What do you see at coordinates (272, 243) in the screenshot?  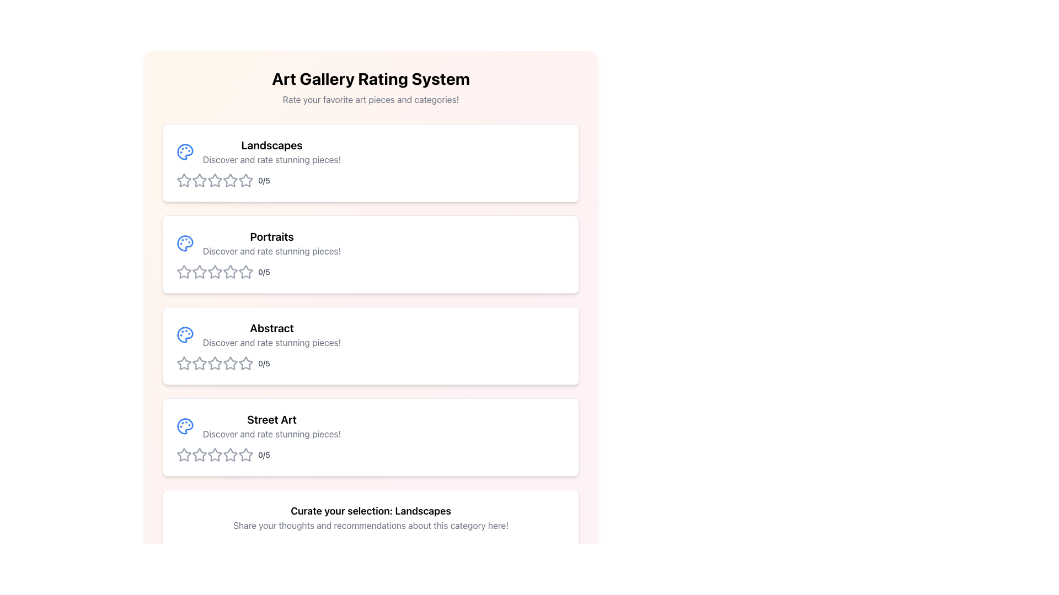 I see `the text block labeled 'Portraits' which includes the header and subtitle, located centrally below the 'Landscapes' row and above the 'Abstract' row` at bounding box center [272, 243].